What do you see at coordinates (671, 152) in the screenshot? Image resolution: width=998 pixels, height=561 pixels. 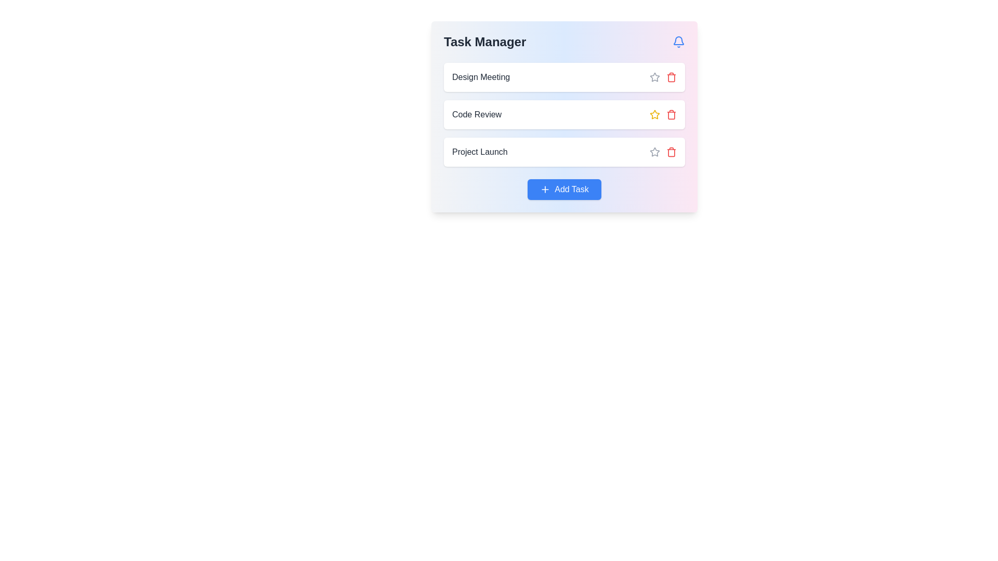 I see `the red trash bin icon that represents delete functionality, located next to the 'Project Launch' task` at bounding box center [671, 152].